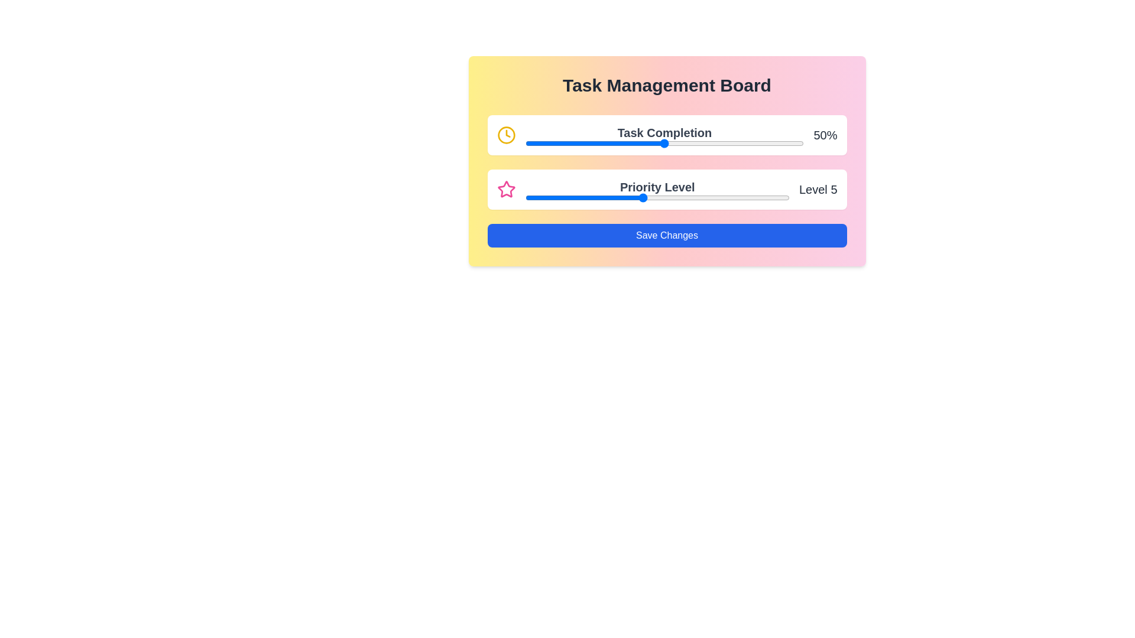 The width and height of the screenshot is (1135, 638). I want to click on displayed priority level from the horizontal section that shows a star icon on the left, the label 'Priority Level' in the center, a slider bar, and the numeric indication 'Level 5' on the right, so click(667, 188).